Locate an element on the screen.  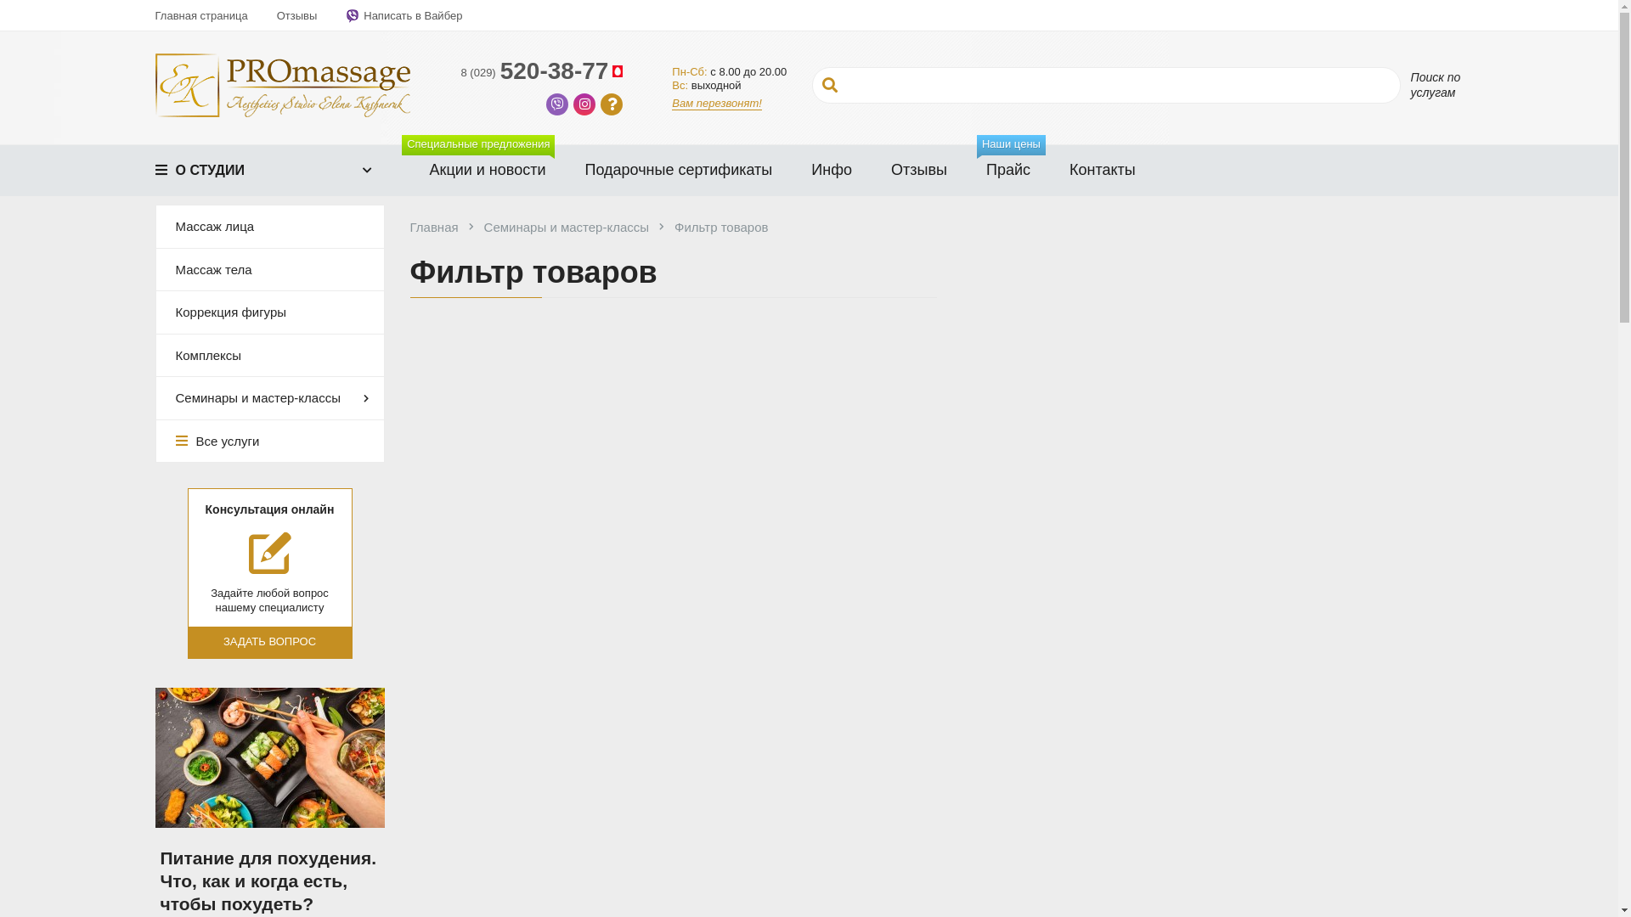
'8 (029) is located at coordinates (541, 70).